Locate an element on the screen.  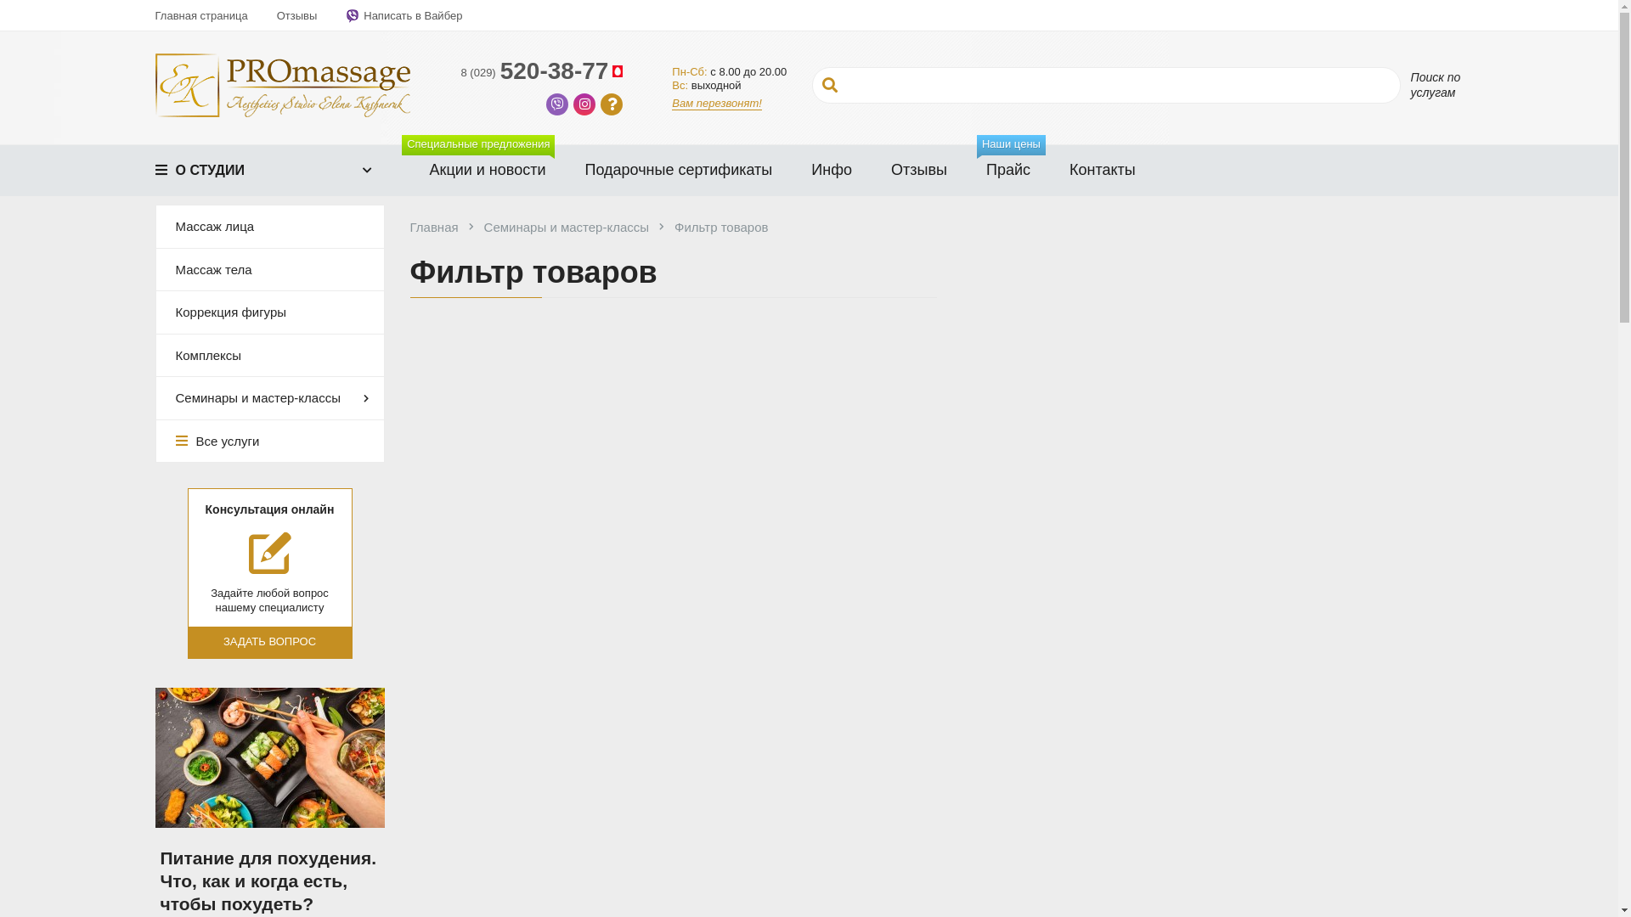
'8 (029) is located at coordinates (541, 70).